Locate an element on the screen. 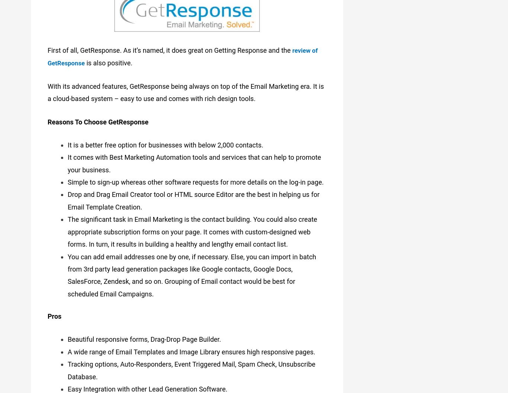 The image size is (508, 393). 'Drop and Drag Email Creator tool or HTML source Editor are the best in helping us for Email Template Creation.' is located at coordinates (193, 199).